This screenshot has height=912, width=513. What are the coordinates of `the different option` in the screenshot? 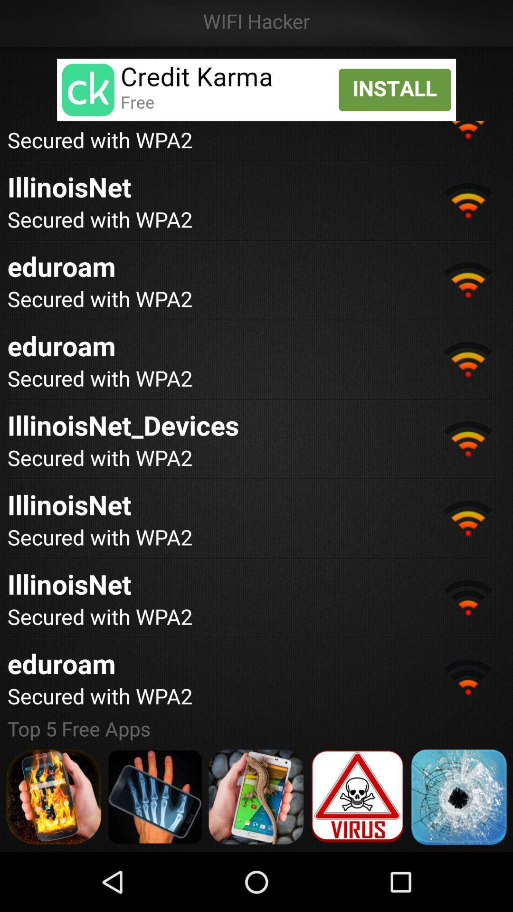 It's located at (256, 797).